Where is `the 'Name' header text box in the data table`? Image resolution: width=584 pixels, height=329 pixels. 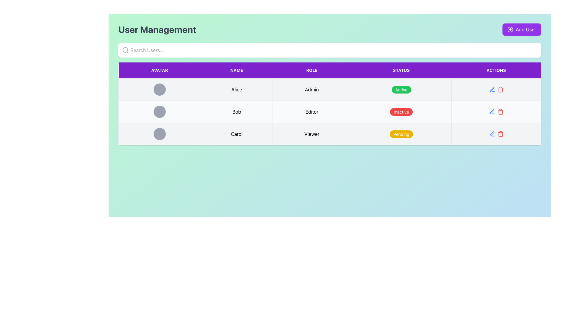
the 'Name' header text box in the data table is located at coordinates (236, 70).